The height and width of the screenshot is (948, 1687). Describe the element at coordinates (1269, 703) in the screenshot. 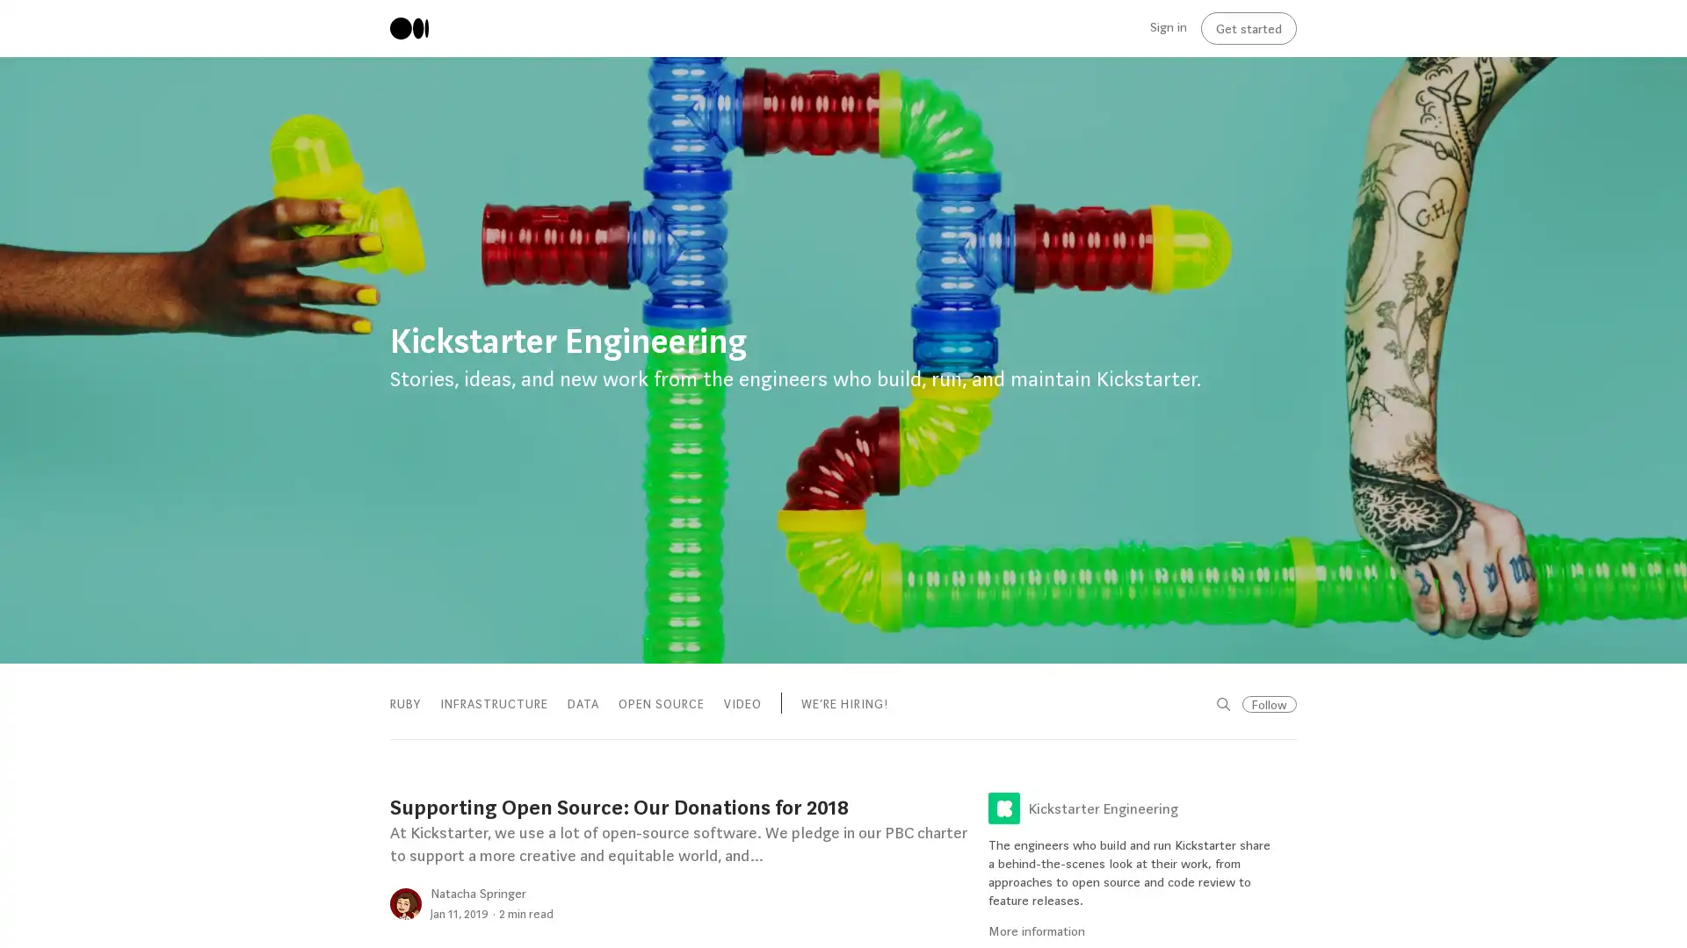

I see `Follow` at that location.